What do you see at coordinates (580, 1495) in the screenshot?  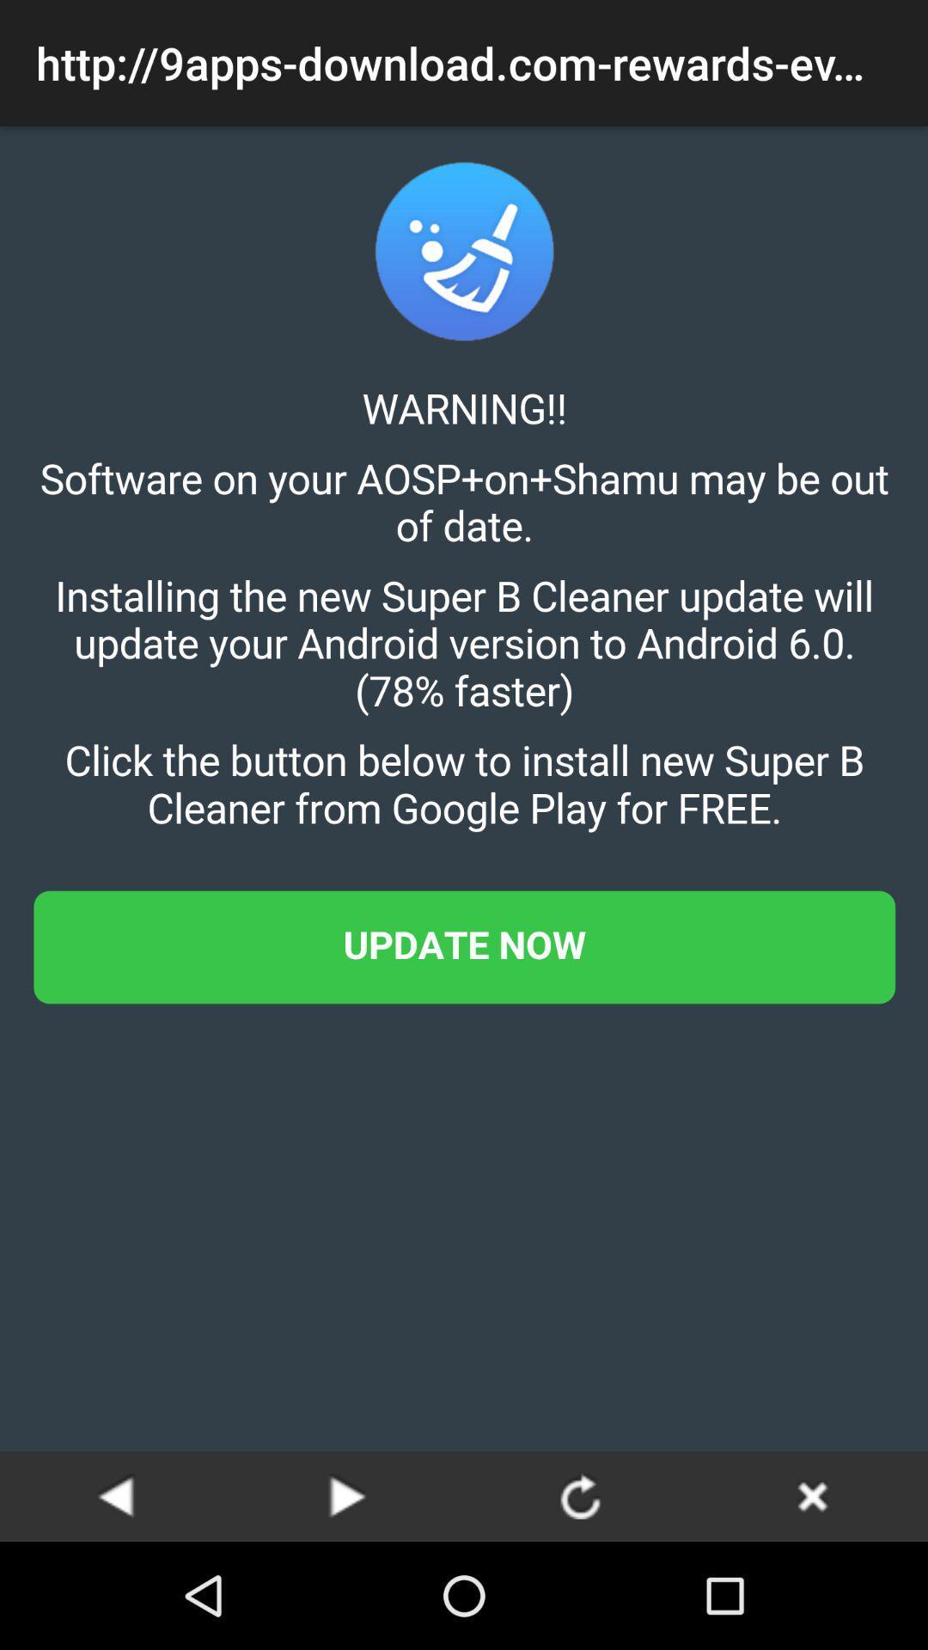 I see `refresh` at bounding box center [580, 1495].